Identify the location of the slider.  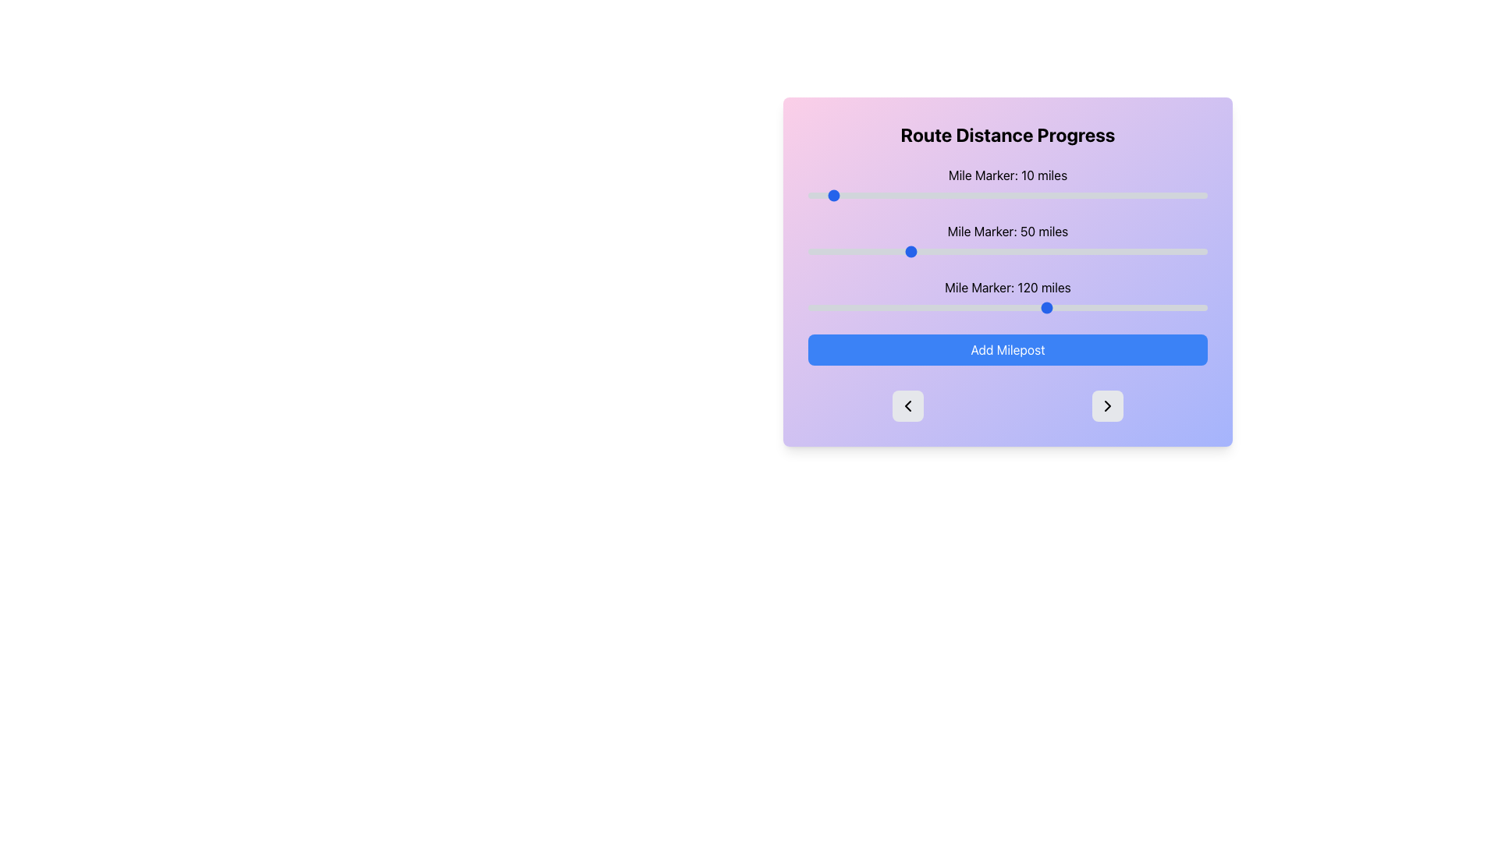
(987, 251).